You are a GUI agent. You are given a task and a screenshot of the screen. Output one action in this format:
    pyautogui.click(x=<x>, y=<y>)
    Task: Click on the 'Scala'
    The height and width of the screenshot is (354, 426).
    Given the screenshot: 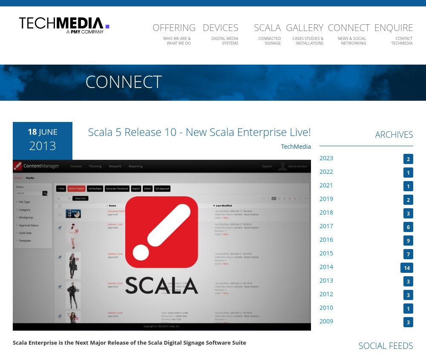 What is the action you would take?
    pyautogui.click(x=267, y=26)
    